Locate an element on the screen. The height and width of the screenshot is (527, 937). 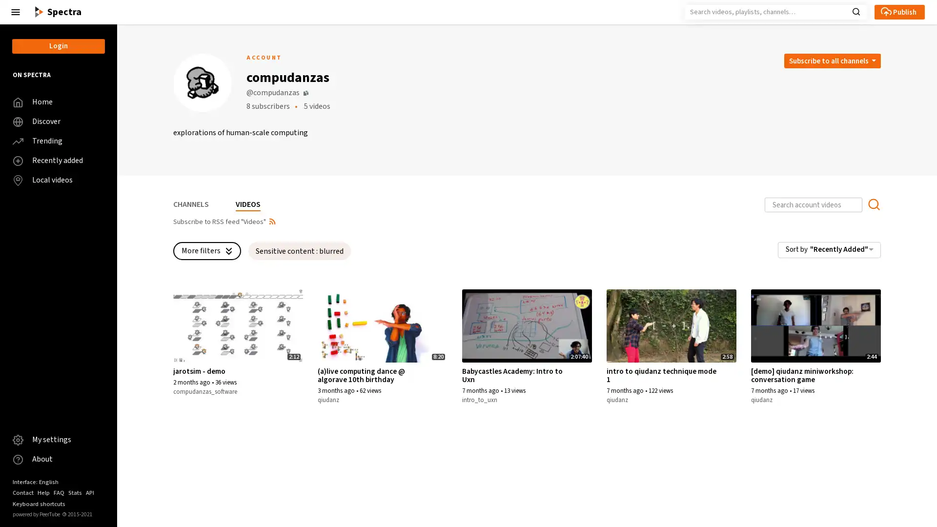
Interface: English is located at coordinates (35, 481).